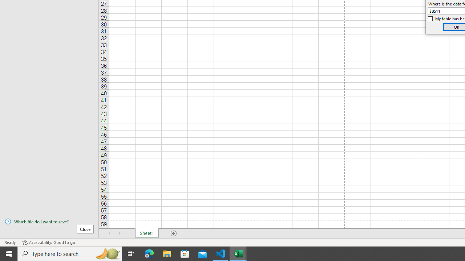 The width and height of the screenshot is (465, 261). I want to click on 'Sheet1', so click(146, 233).